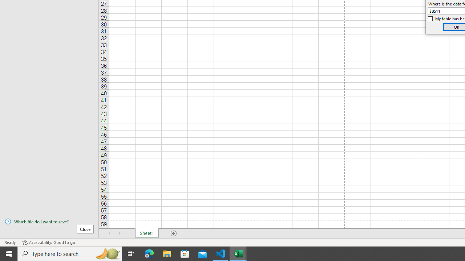 The width and height of the screenshot is (465, 261). I want to click on 'Sheet1', so click(146, 233).